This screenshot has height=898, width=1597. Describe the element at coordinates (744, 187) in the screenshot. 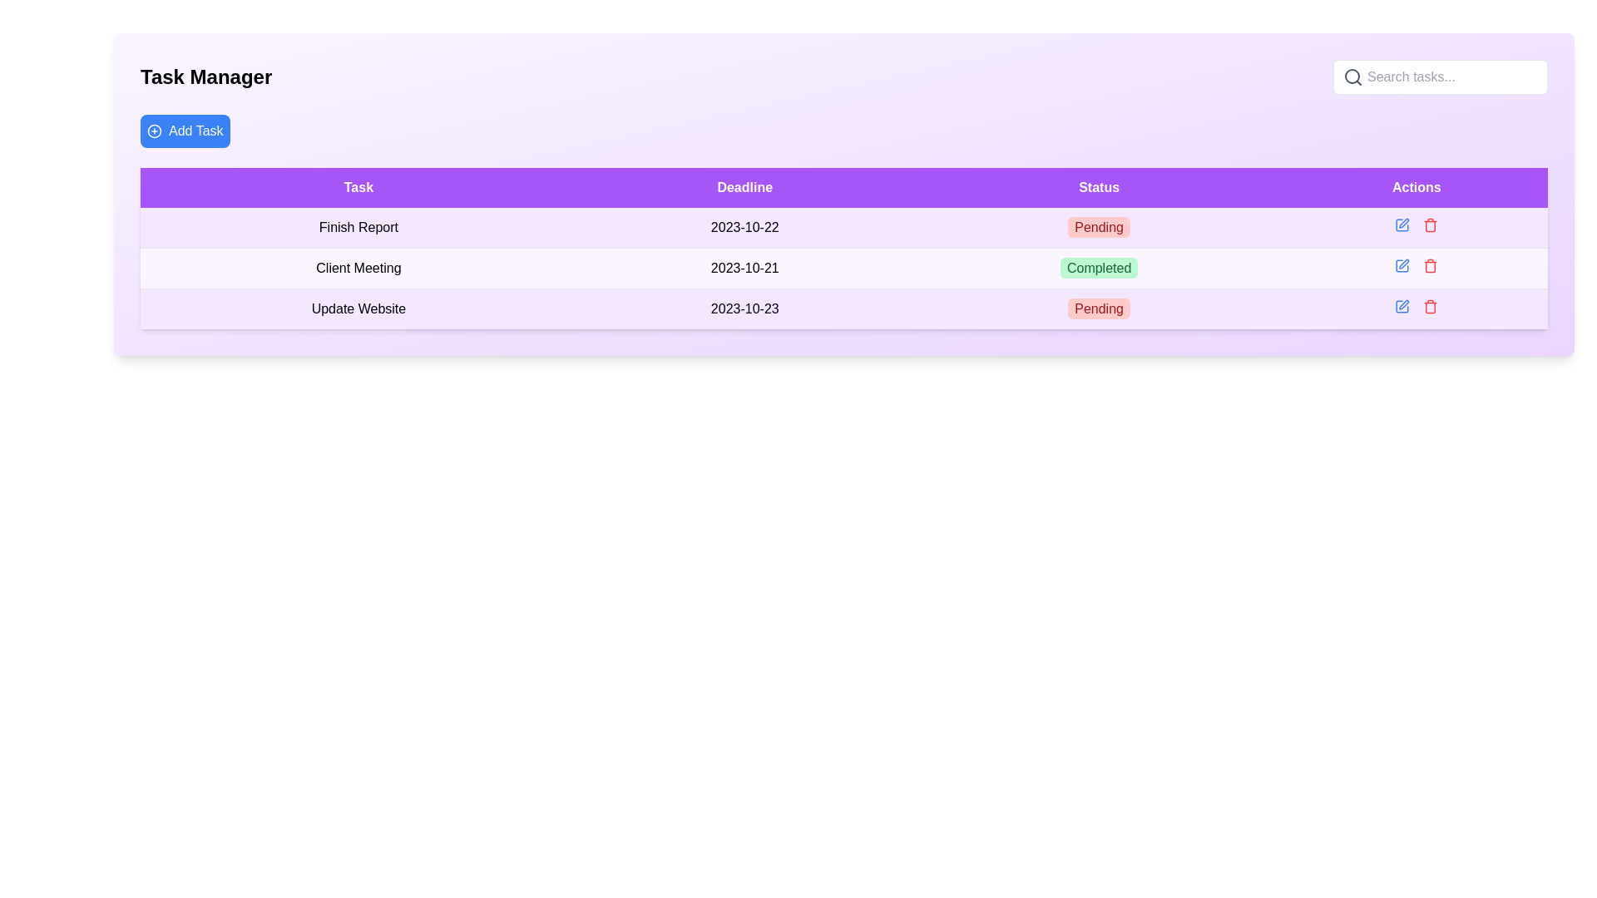

I see `label of the Table header cell that organizes deadlines, located as the second cell from the left in the header row, between 'Task' and 'Status'` at that location.